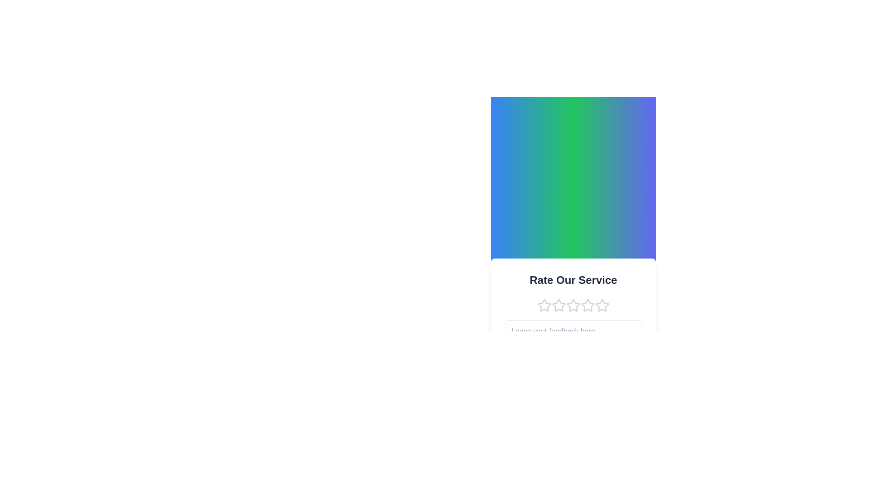 This screenshot has width=869, height=489. What do you see at coordinates (573, 279) in the screenshot?
I see `the prominently styled static text displaying 'Rate Our Service' in a bold and large font, which is centered in a modal interface just below the gradient header` at bounding box center [573, 279].